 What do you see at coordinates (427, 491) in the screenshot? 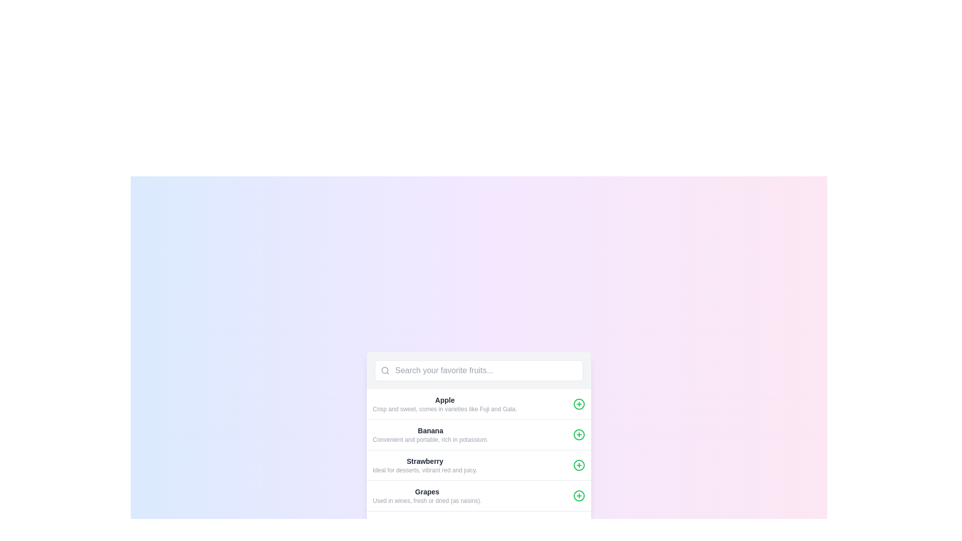
I see `the text label displaying 'Grapes', which is a medium-sized bold dark gray font positioned at the bottom of the interface within the last item of a vertical list of fruits` at bounding box center [427, 491].